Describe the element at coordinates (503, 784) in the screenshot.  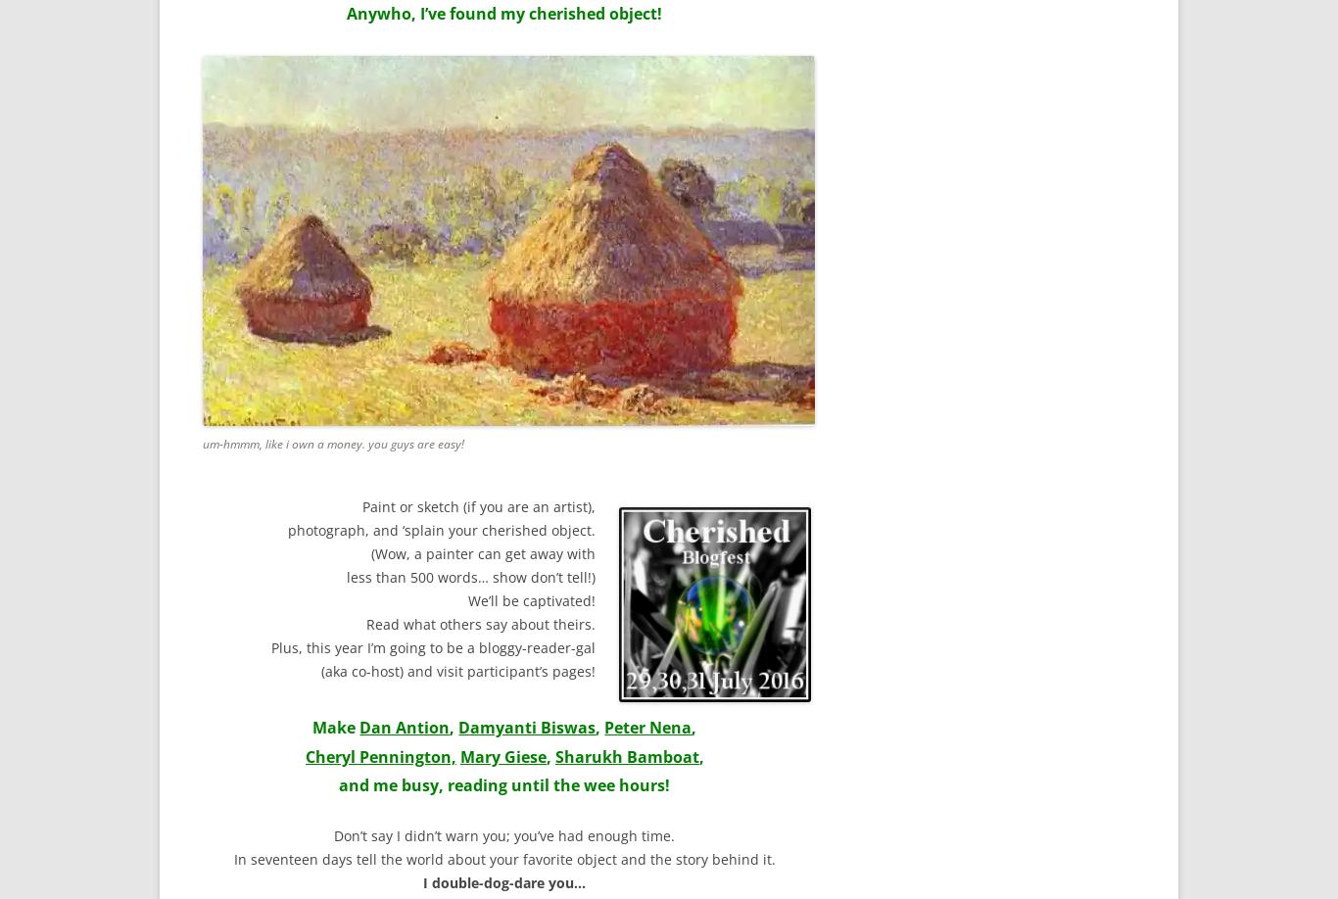
I see `'and me busy, reading until the wee hours!'` at that location.